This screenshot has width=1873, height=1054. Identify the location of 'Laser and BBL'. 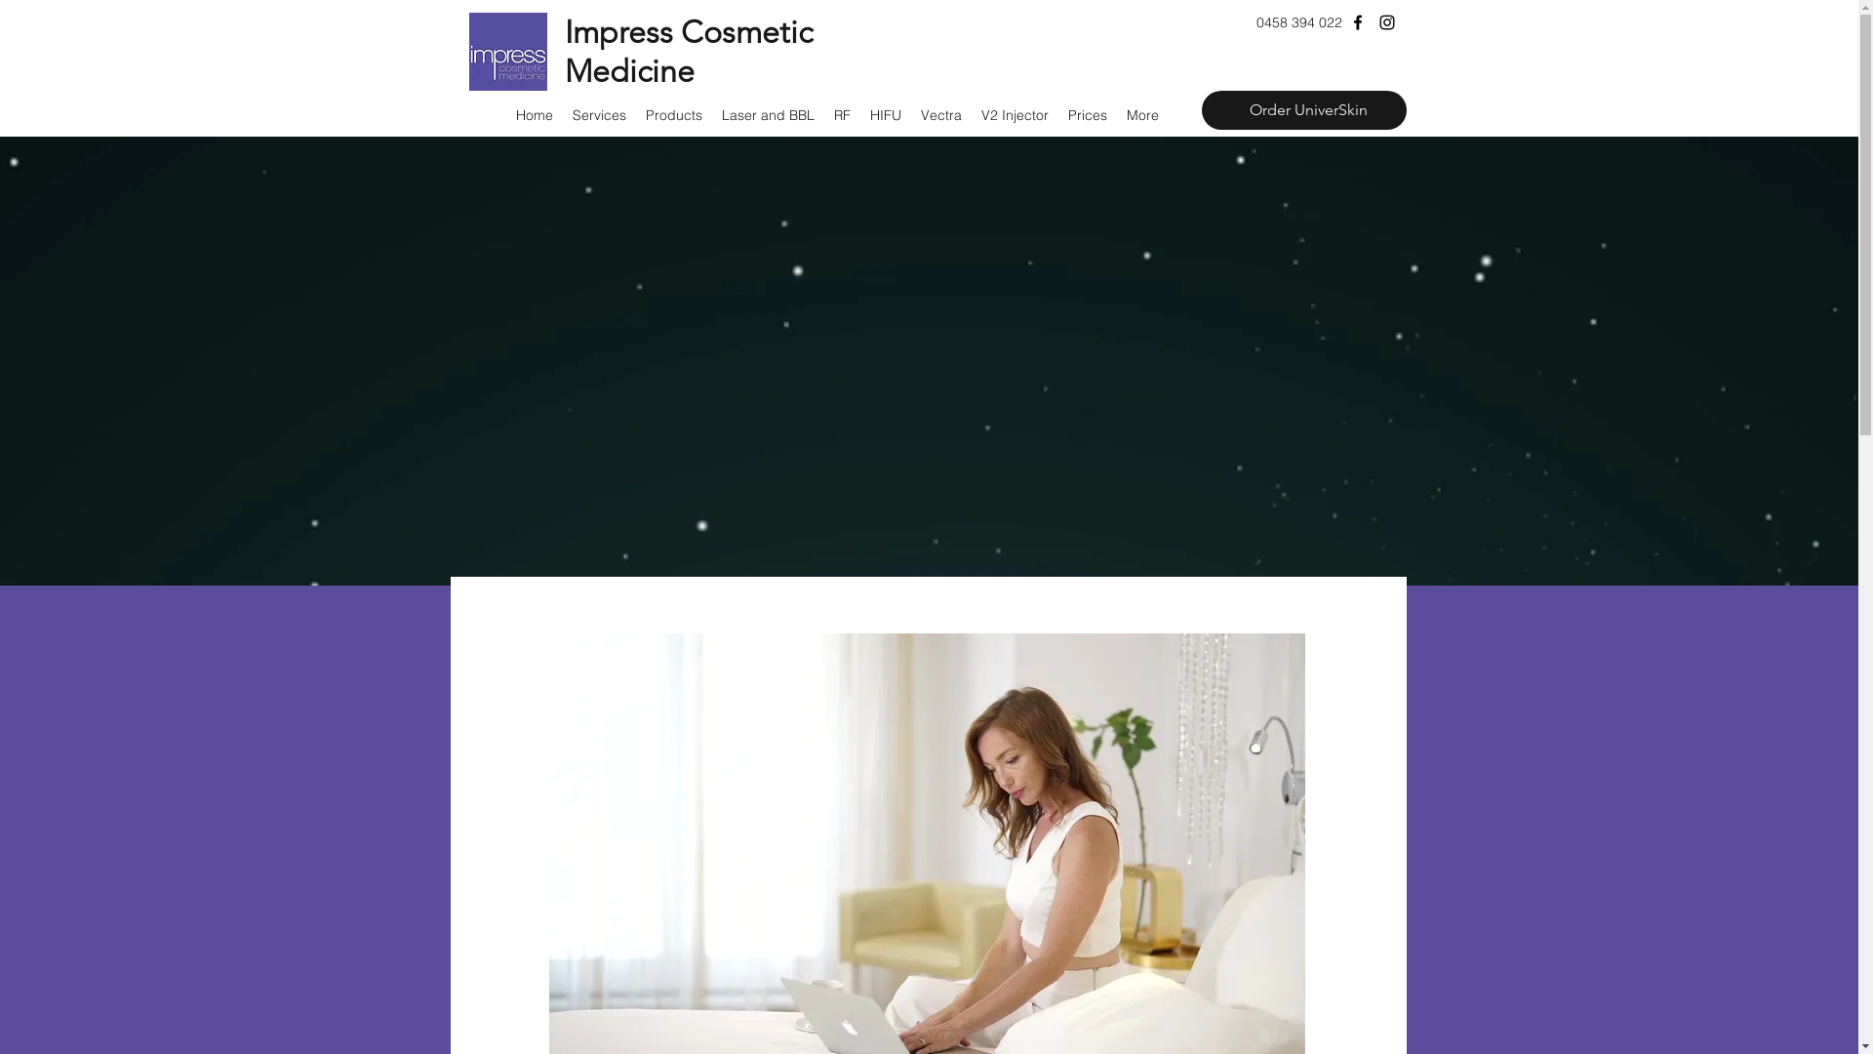
(767, 115).